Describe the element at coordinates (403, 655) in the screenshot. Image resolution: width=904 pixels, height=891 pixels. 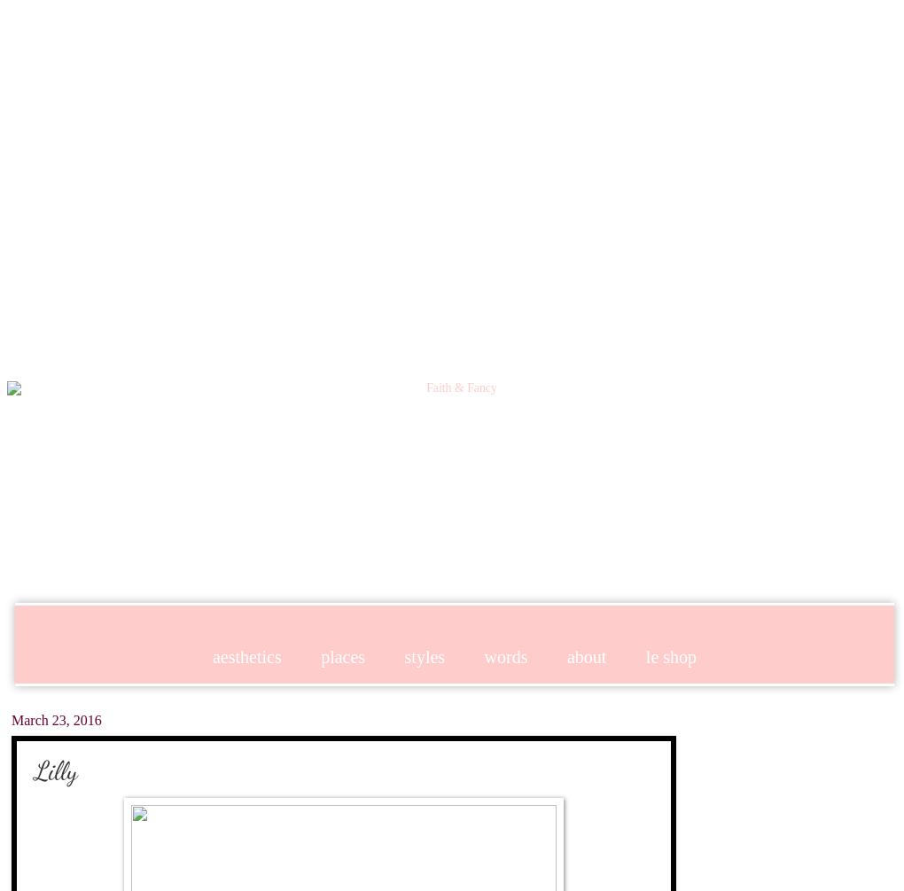
I see `'styles'` at that location.